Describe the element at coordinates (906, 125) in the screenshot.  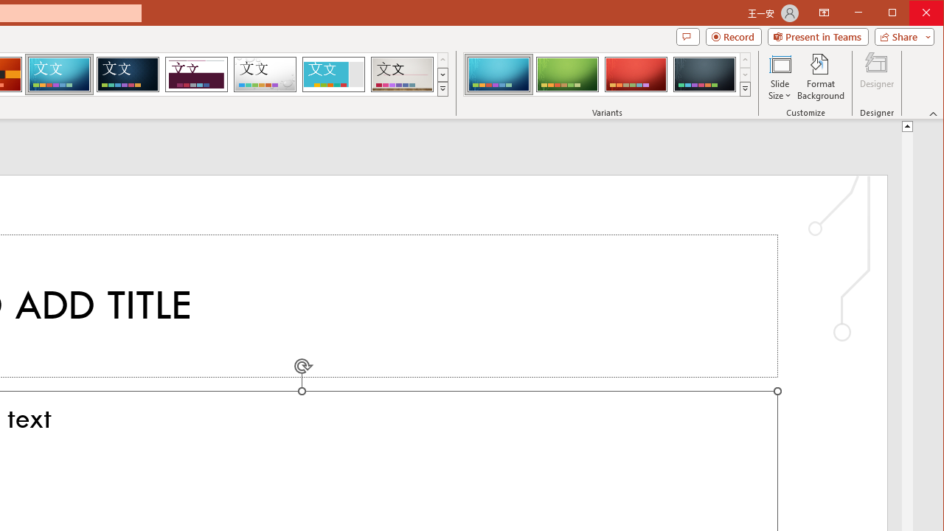
I see `'Line up'` at that location.